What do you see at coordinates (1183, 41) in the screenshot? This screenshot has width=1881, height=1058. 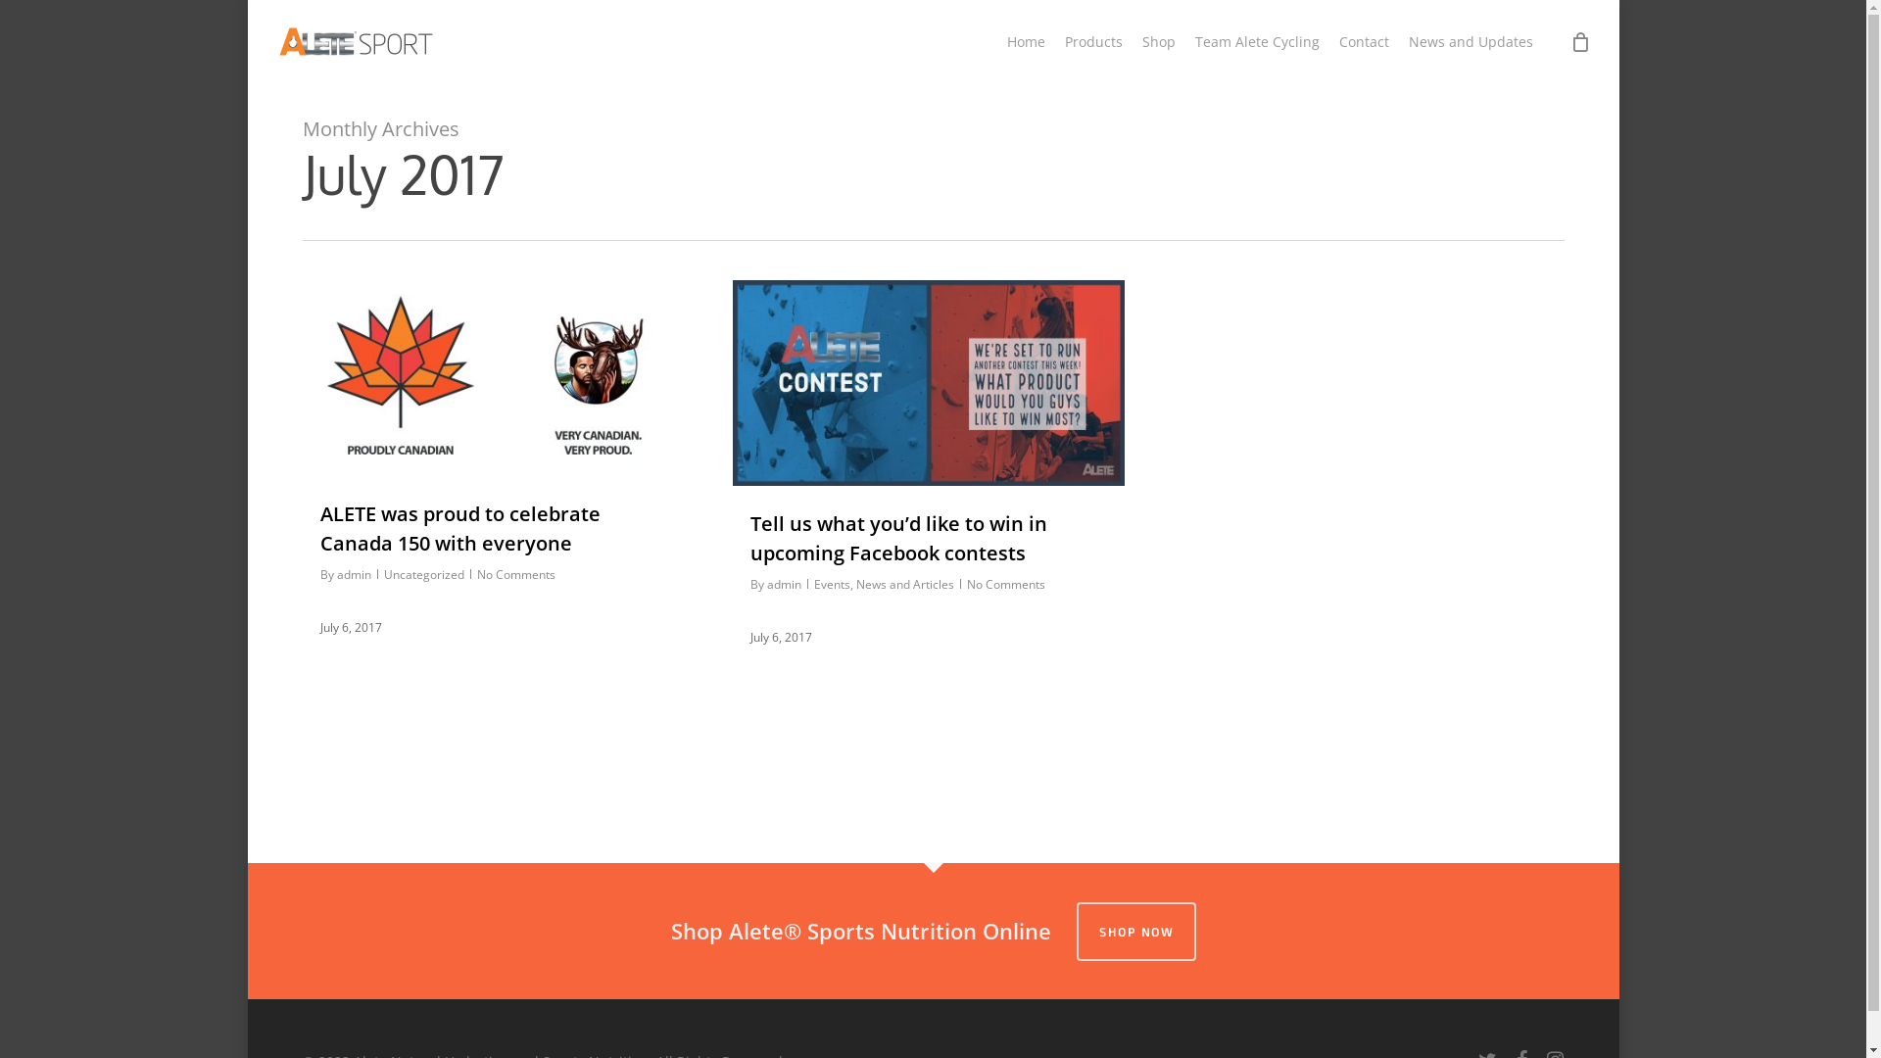 I see `'Team Alete Cycling'` at bounding box center [1183, 41].